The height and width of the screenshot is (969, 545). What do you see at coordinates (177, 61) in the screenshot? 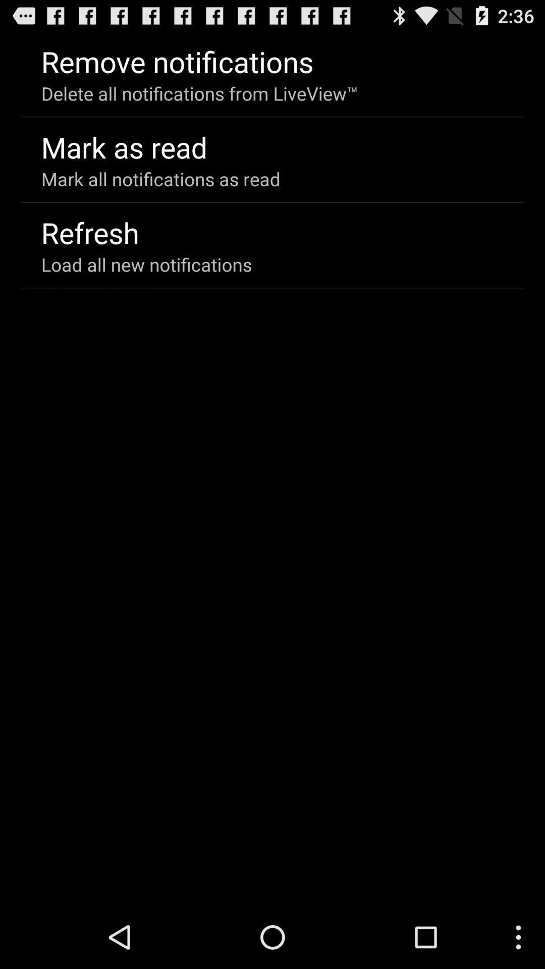
I see `icon above the delete all notifications app` at bounding box center [177, 61].